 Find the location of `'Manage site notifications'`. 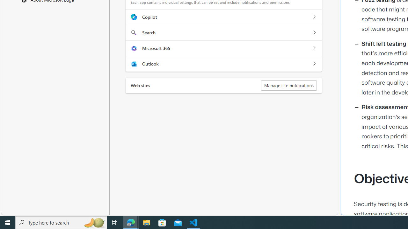

'Manage site notifications' is located at coordinates (288, 85).